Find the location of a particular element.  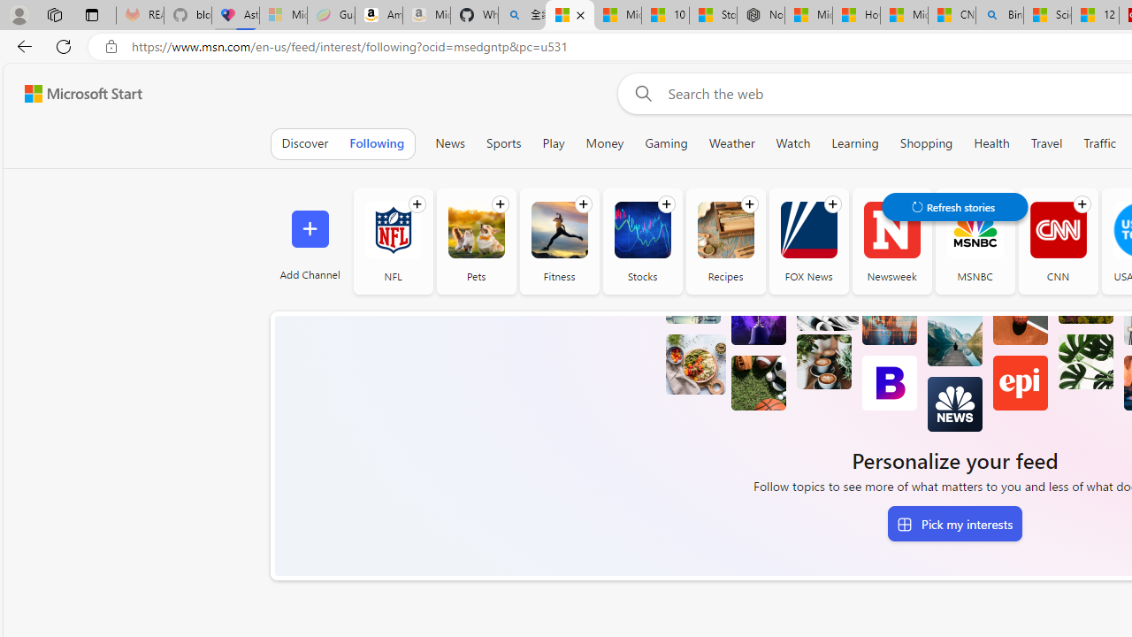

'Health' is located at coordinates (991, 142).